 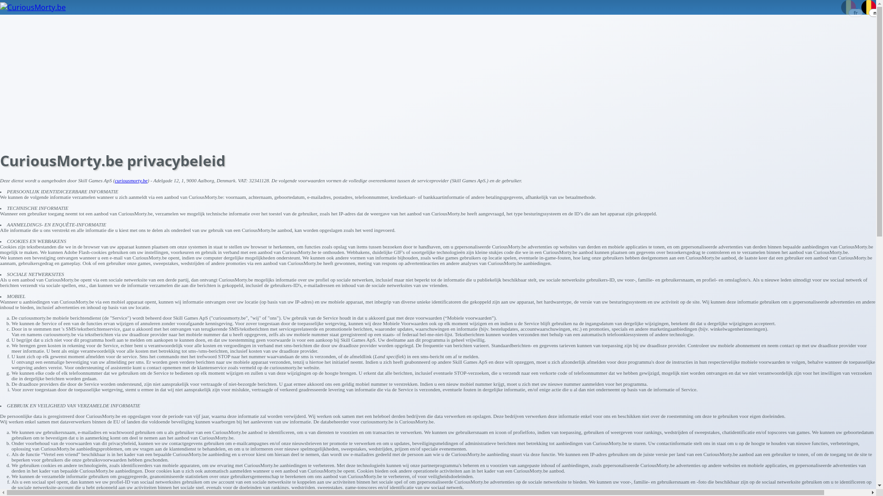 What do you see at coordinates (131, 180) in the screenshot?
I see `'curiousmorty.be'` at bounding box center [131, 180].